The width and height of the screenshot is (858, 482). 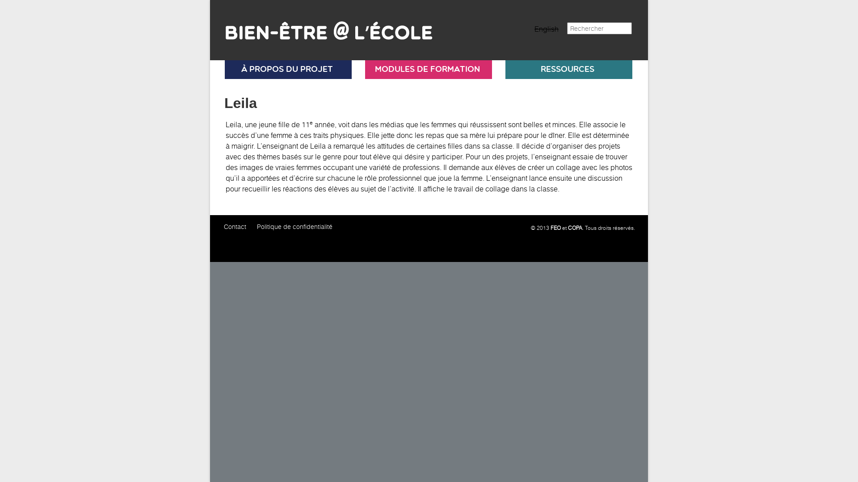 What do you see at coordinates (210, 0) in the screenshot?
I see `'Skip to main'` at bounding box center [210, 0].